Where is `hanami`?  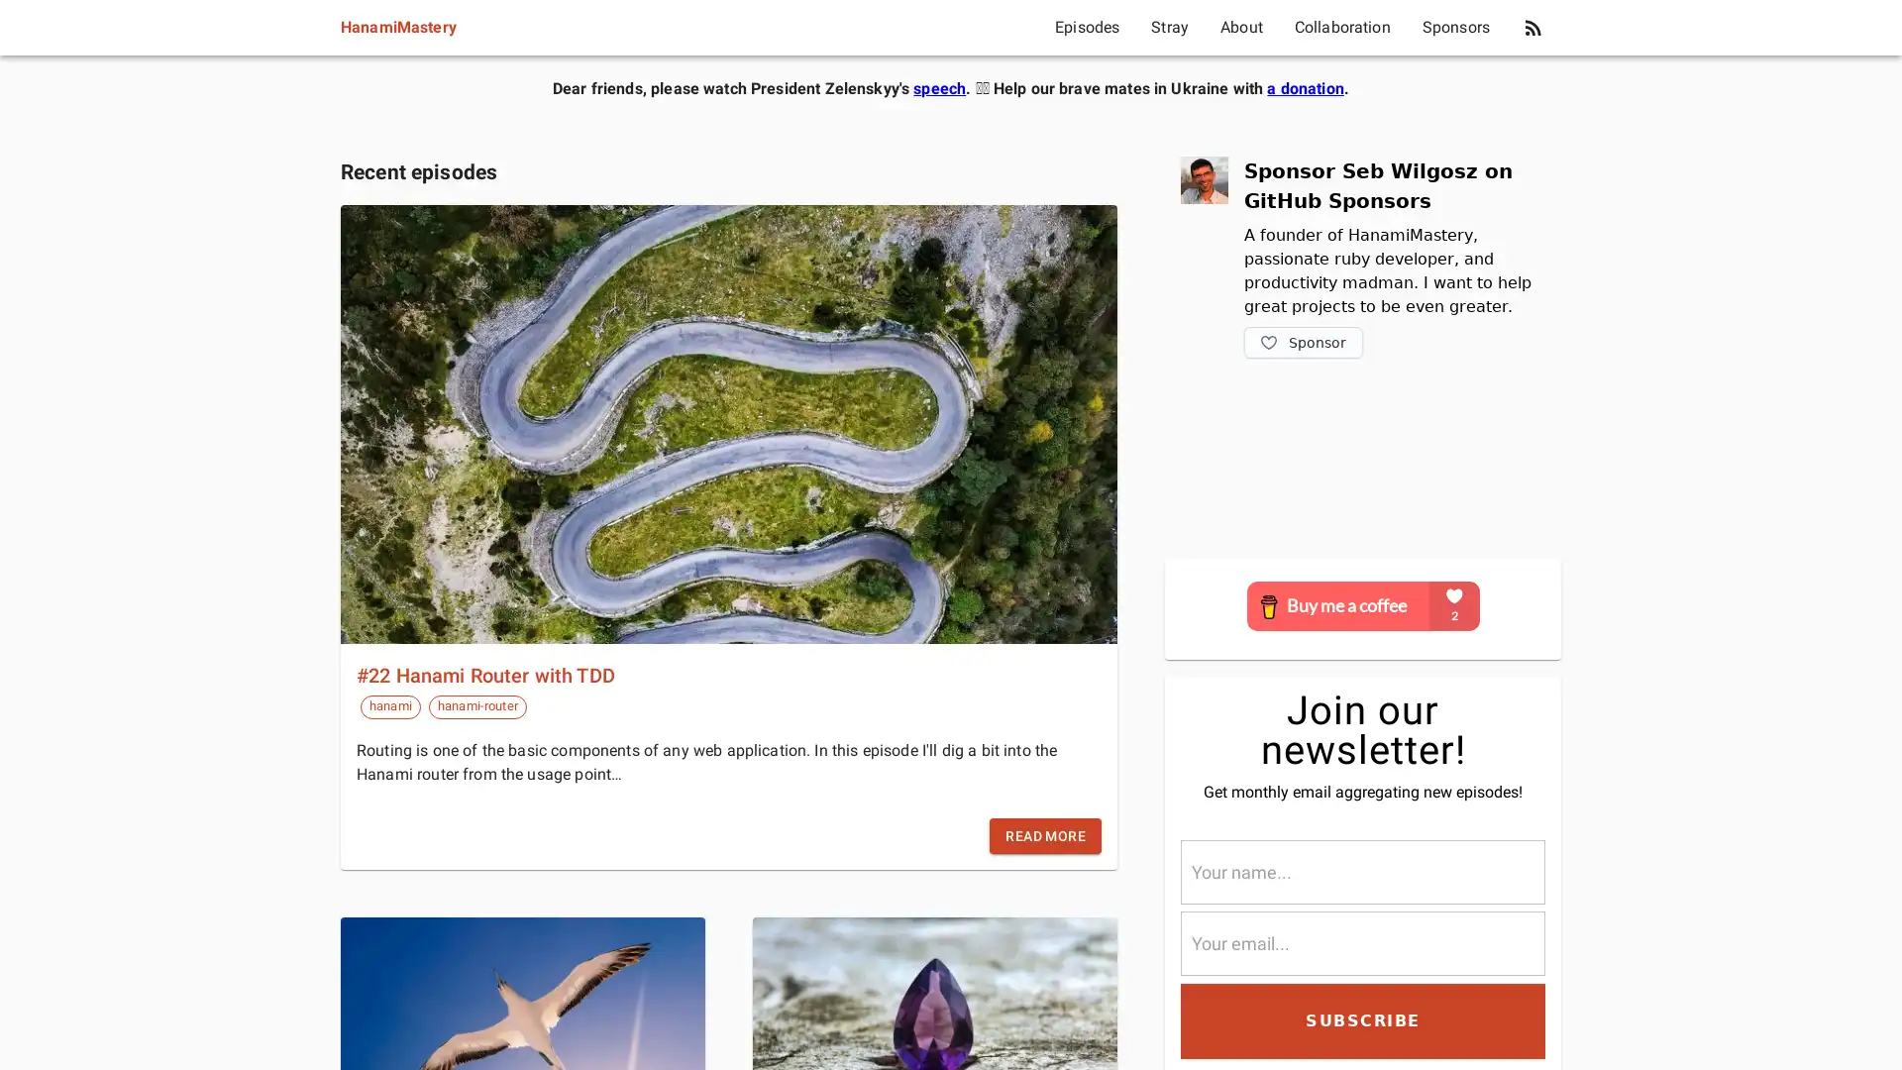 hanami is located at coordinates (389, 705).